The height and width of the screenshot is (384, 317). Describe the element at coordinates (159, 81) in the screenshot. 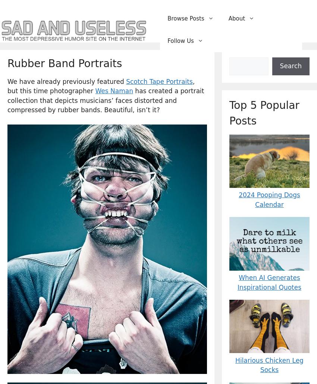

I see `'Scotch Tape Portraits'` at that location.